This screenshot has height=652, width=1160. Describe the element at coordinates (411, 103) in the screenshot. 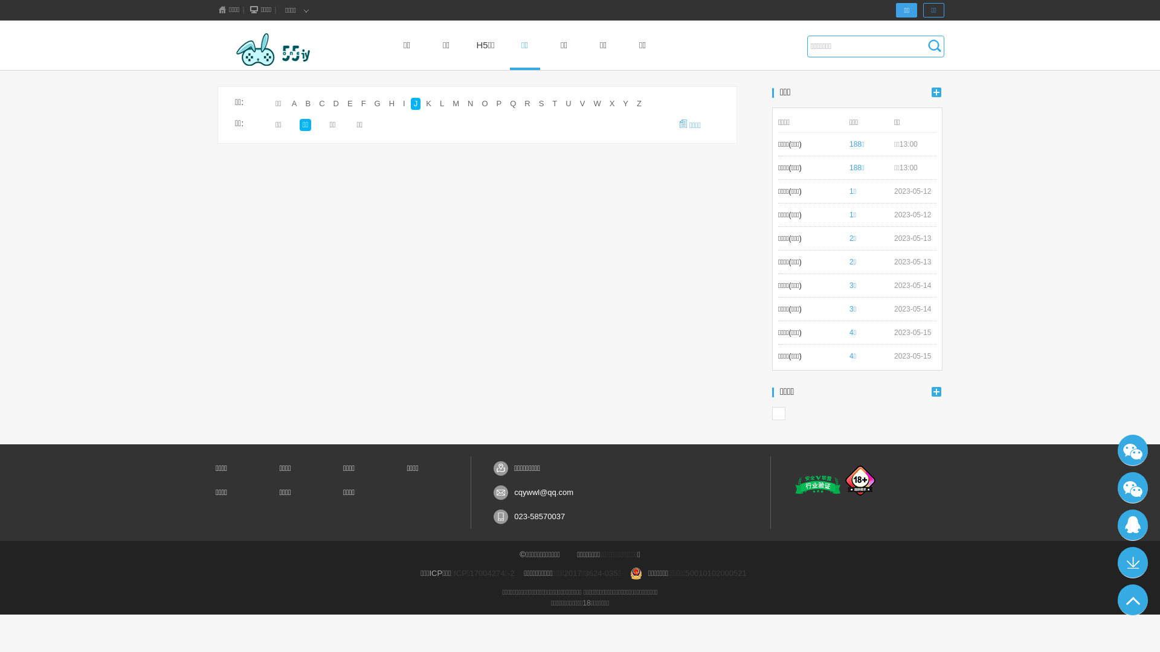

I see `'J'` at that location.